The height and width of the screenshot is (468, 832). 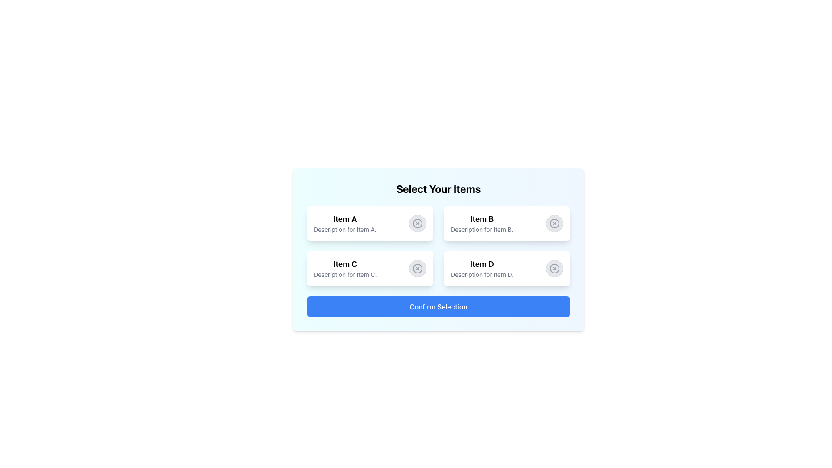 What do you see at coordinates (555, 268) in the screenshot?
I see `the inner circle of the 'Item D' icon located in the lower-right section of the layout` at bounding box center [555, 268].